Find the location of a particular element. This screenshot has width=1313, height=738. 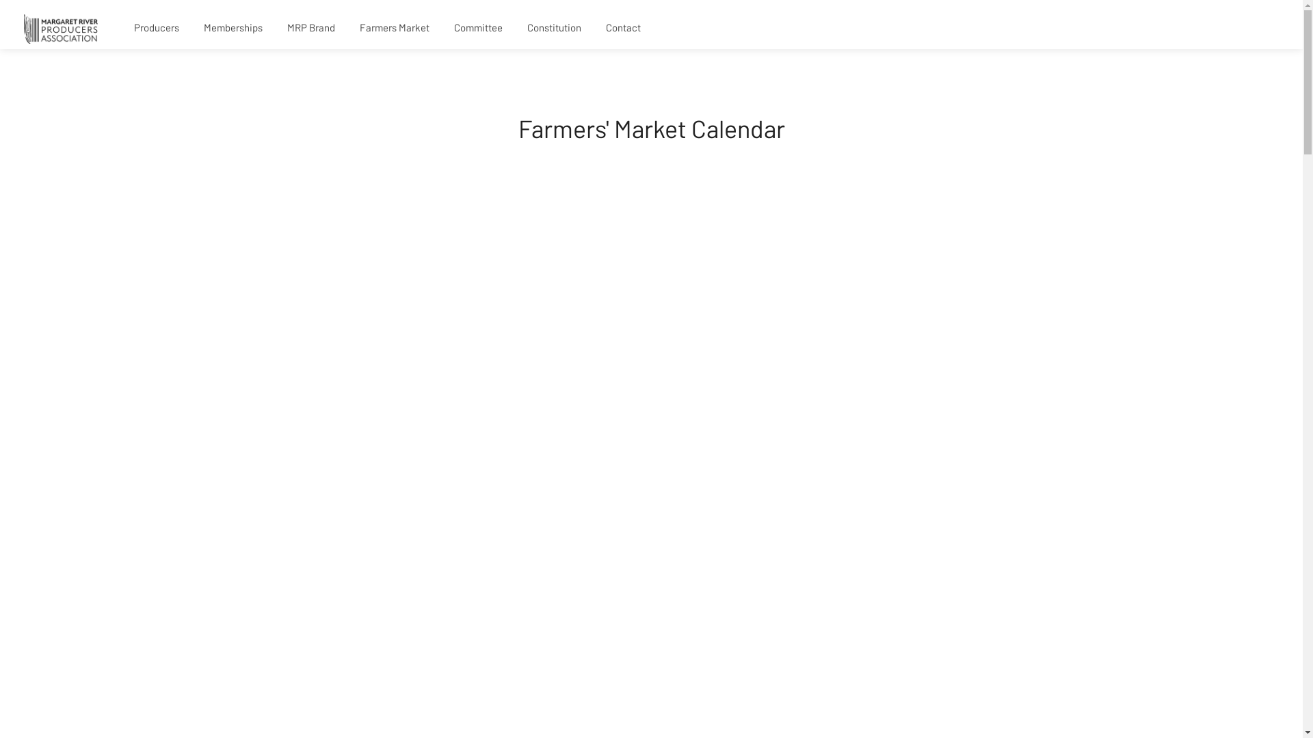

'Constitution' is located at coordinates (516, 28).